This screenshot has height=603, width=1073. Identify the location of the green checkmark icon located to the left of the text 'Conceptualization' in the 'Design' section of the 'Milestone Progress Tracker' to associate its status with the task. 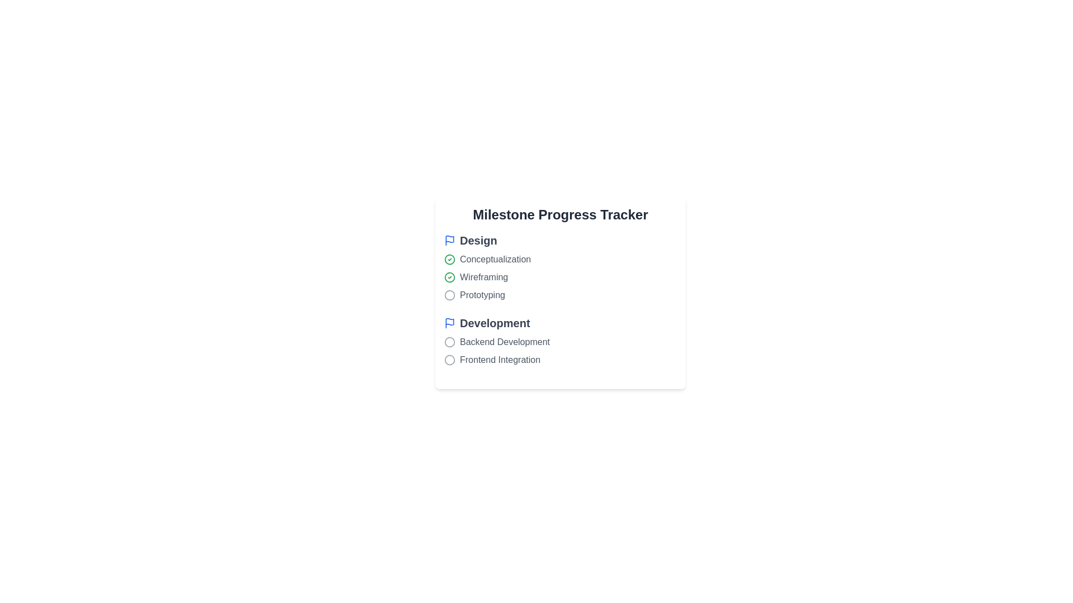
(450, 260).